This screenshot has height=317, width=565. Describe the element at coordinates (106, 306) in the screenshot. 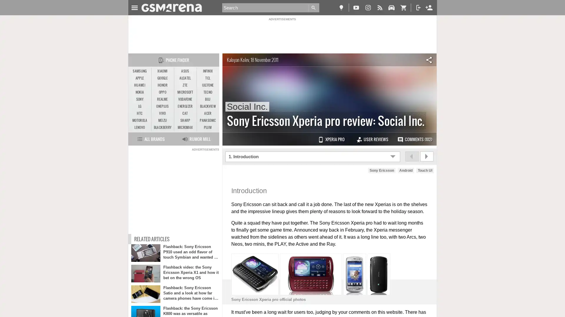

I see `Agree and proceed` at that location.